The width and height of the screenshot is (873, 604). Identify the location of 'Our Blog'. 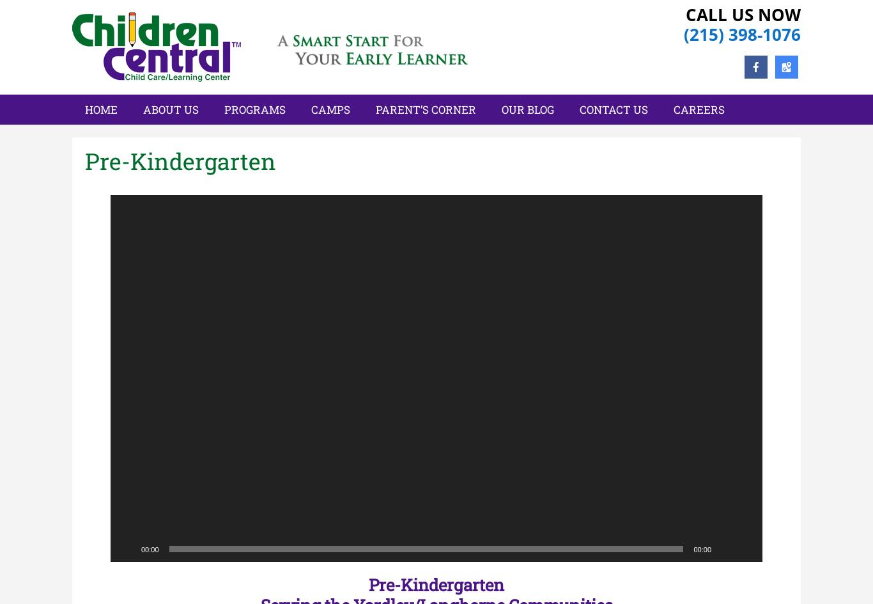
(527, 109).